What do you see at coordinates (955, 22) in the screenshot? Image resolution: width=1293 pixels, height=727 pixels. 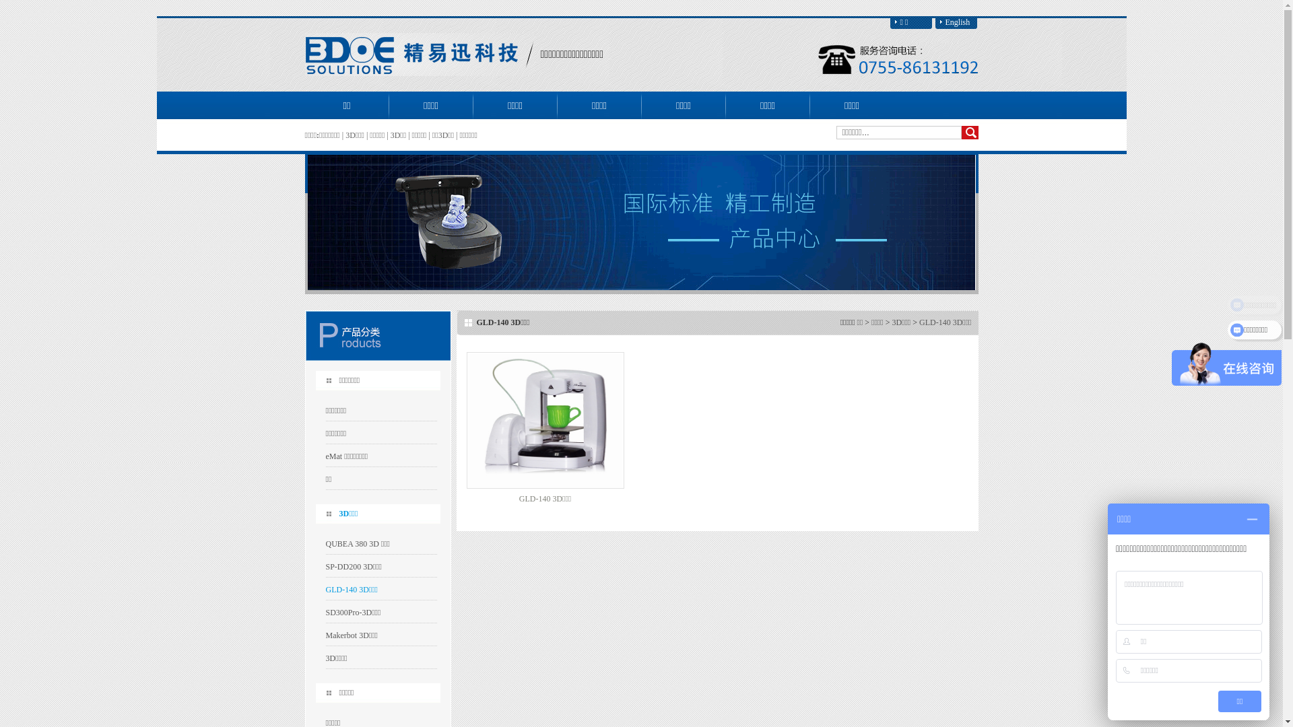 I see `'English'` at bounding box center [955, 22].